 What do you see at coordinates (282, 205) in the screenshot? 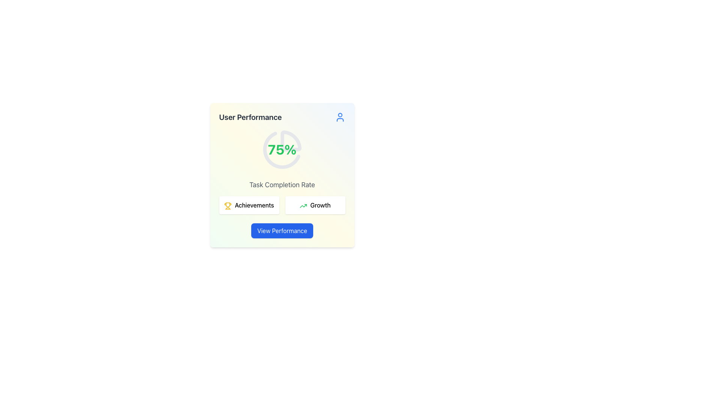
I see `the labels in the horizontal section representing Achievements and Growth` at bounding box center [282, 205].